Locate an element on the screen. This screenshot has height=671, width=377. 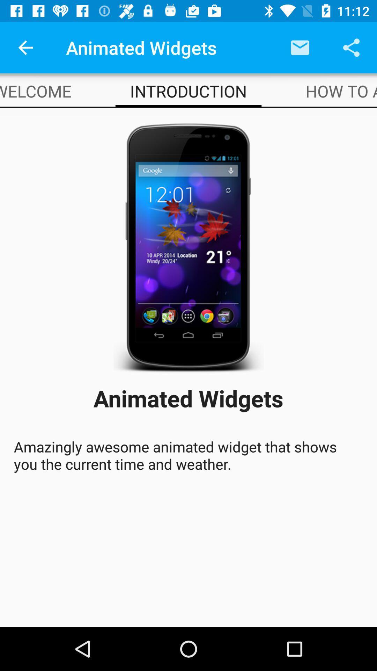
the icon above animated widgets icon is located at coordinates (188, 245).